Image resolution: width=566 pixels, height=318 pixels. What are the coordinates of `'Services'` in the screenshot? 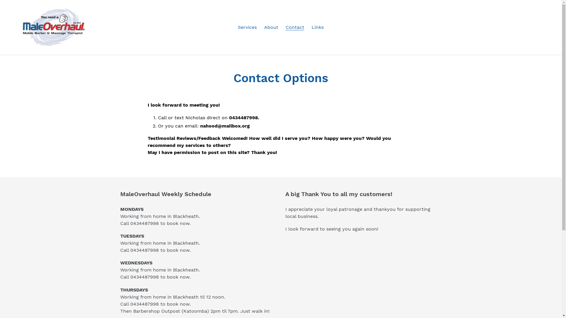 It's located at (247, 27).